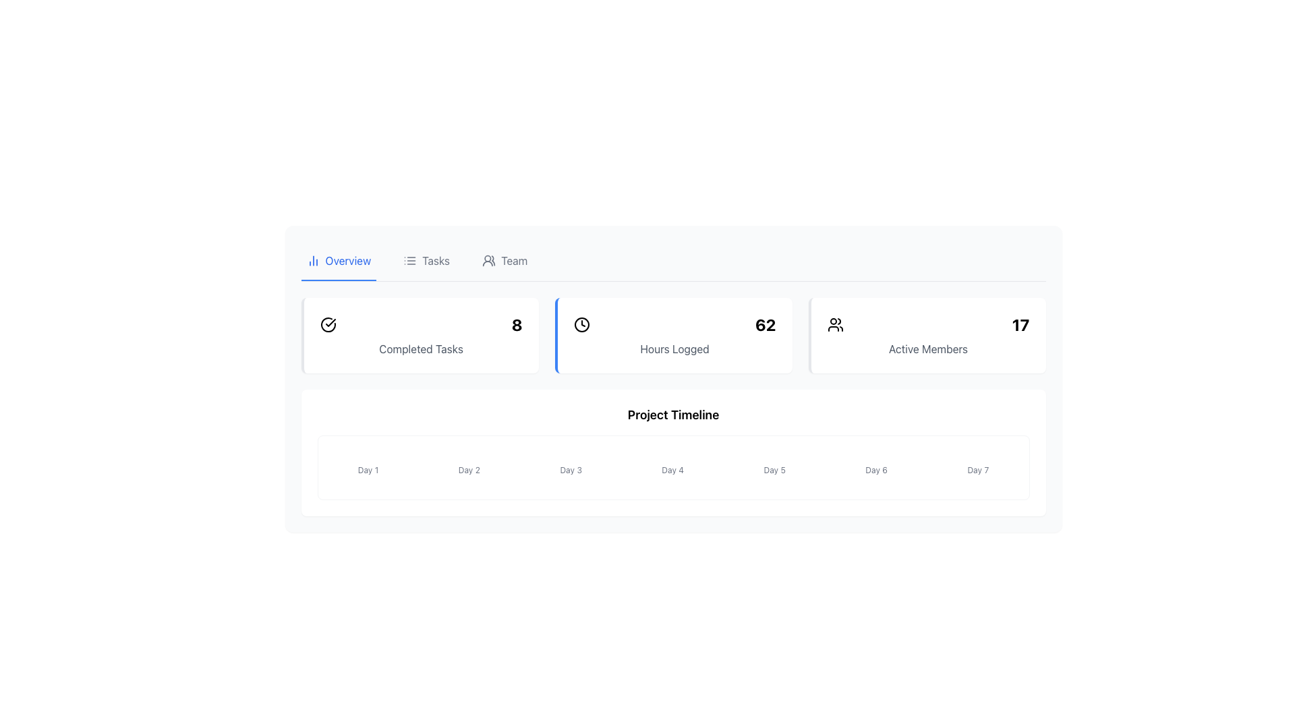 The image size is (1295, 728). I want to click on the 'Day 1' label in the timeline, which serves as a visual indicator for the specific day, so click(368, 467).